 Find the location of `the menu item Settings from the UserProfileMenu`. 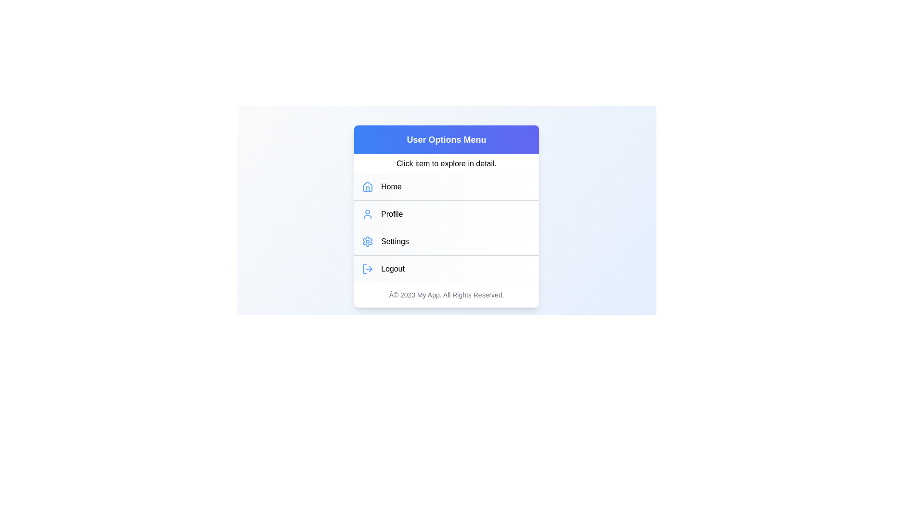

the menu item Settings from the UserProfileMenu is located at coordinates (446, 241).